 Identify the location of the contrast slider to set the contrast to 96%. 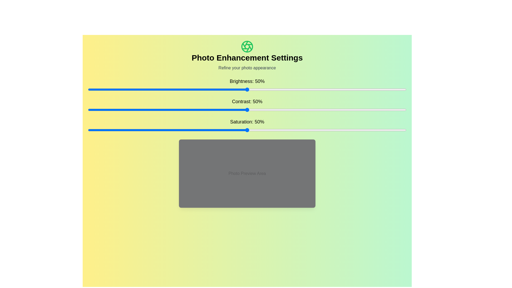
(394, 110).